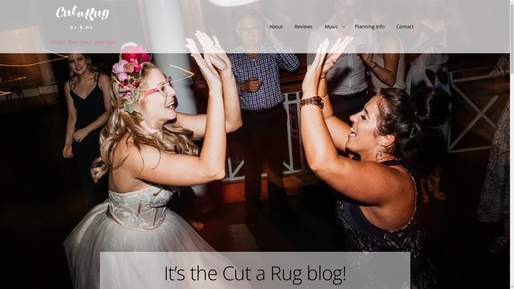 The image size is (514, 289). Describe the element at coordinates (82, 18) in the screenshot. I see `'Link'` at that location.